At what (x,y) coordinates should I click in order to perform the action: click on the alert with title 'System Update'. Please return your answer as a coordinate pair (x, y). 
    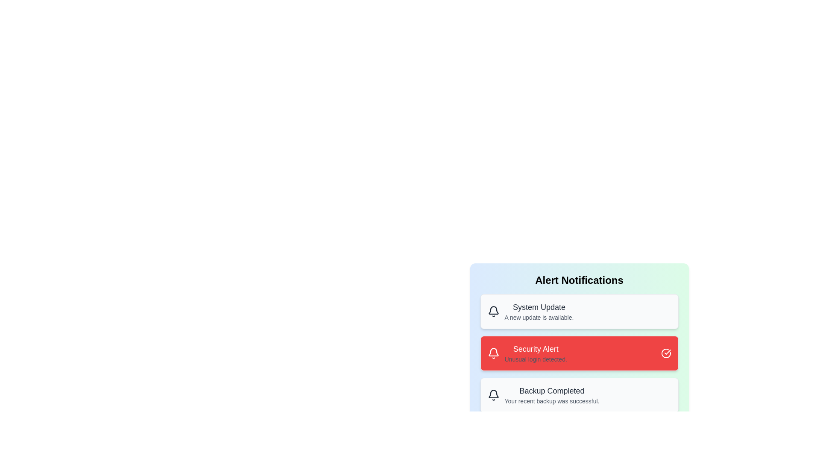
    Looking at the image, I should click on (579, 311).